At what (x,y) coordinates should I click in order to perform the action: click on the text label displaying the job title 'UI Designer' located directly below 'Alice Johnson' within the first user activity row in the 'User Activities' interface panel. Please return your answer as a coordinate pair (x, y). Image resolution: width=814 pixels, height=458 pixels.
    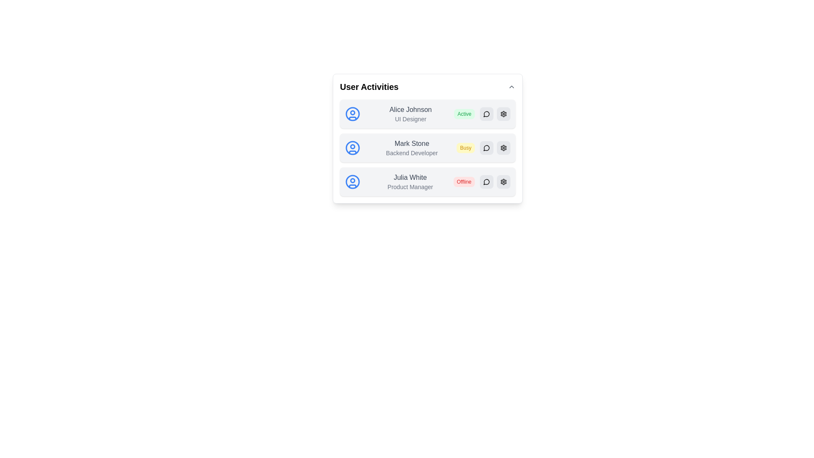
    Looking at the image, I should click on (410, 119).